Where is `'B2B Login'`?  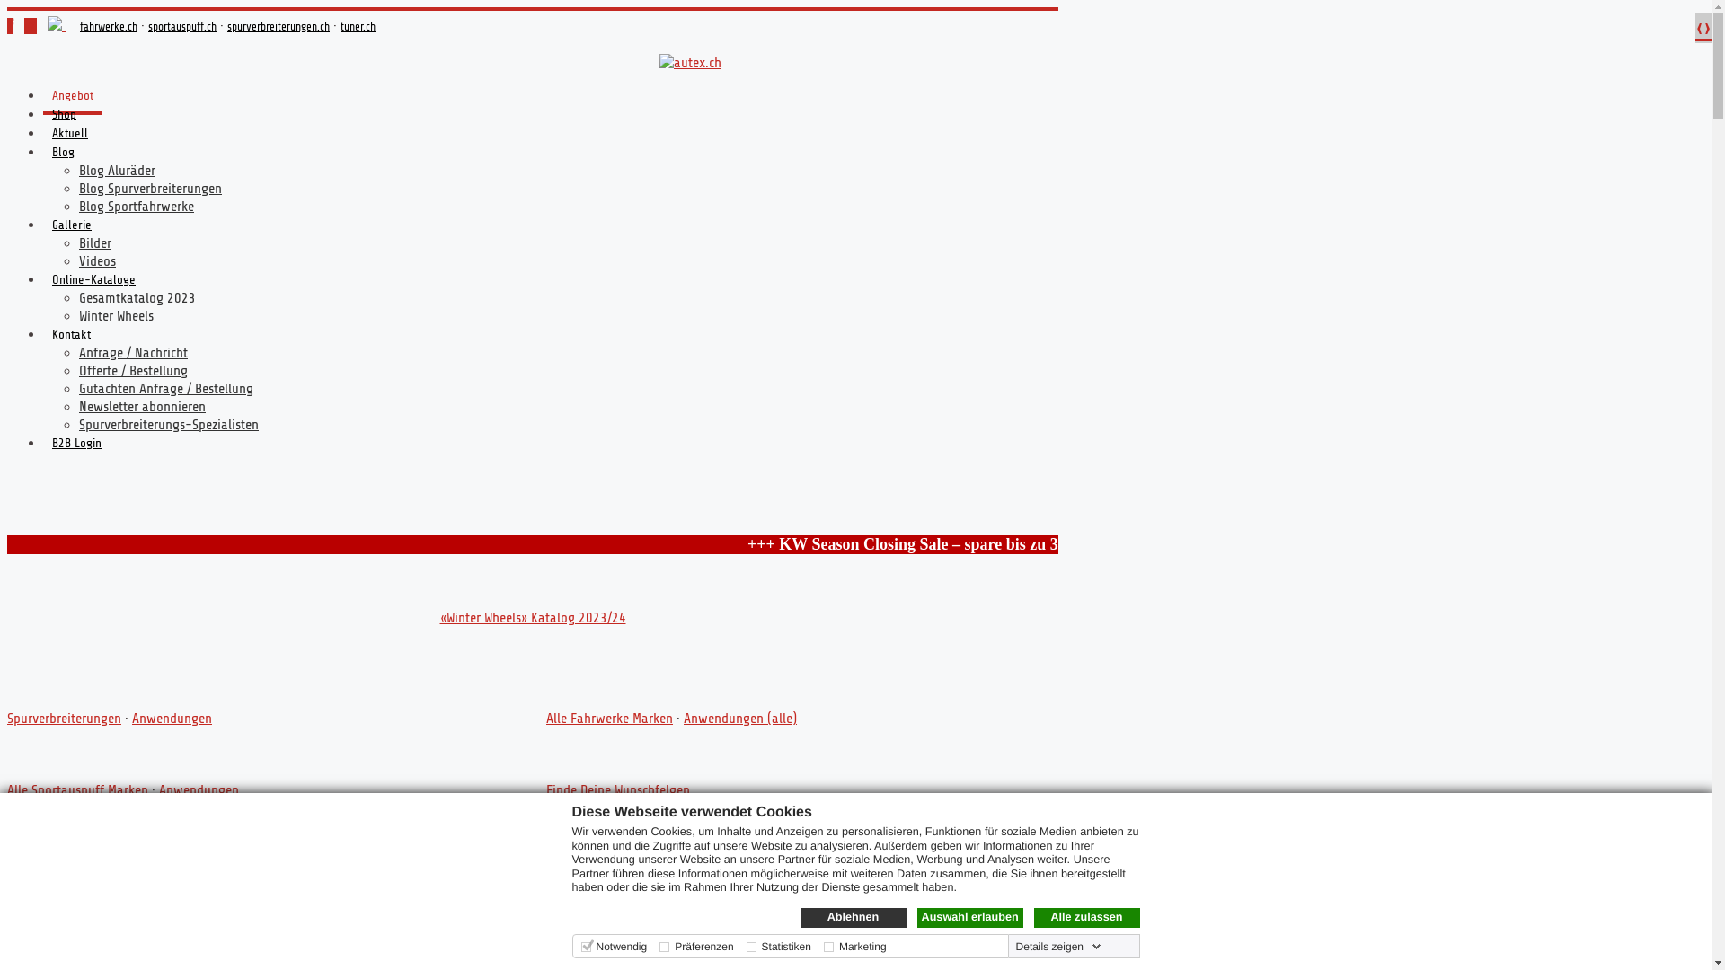 'B2B Login' is located at coordinates (43, 445).